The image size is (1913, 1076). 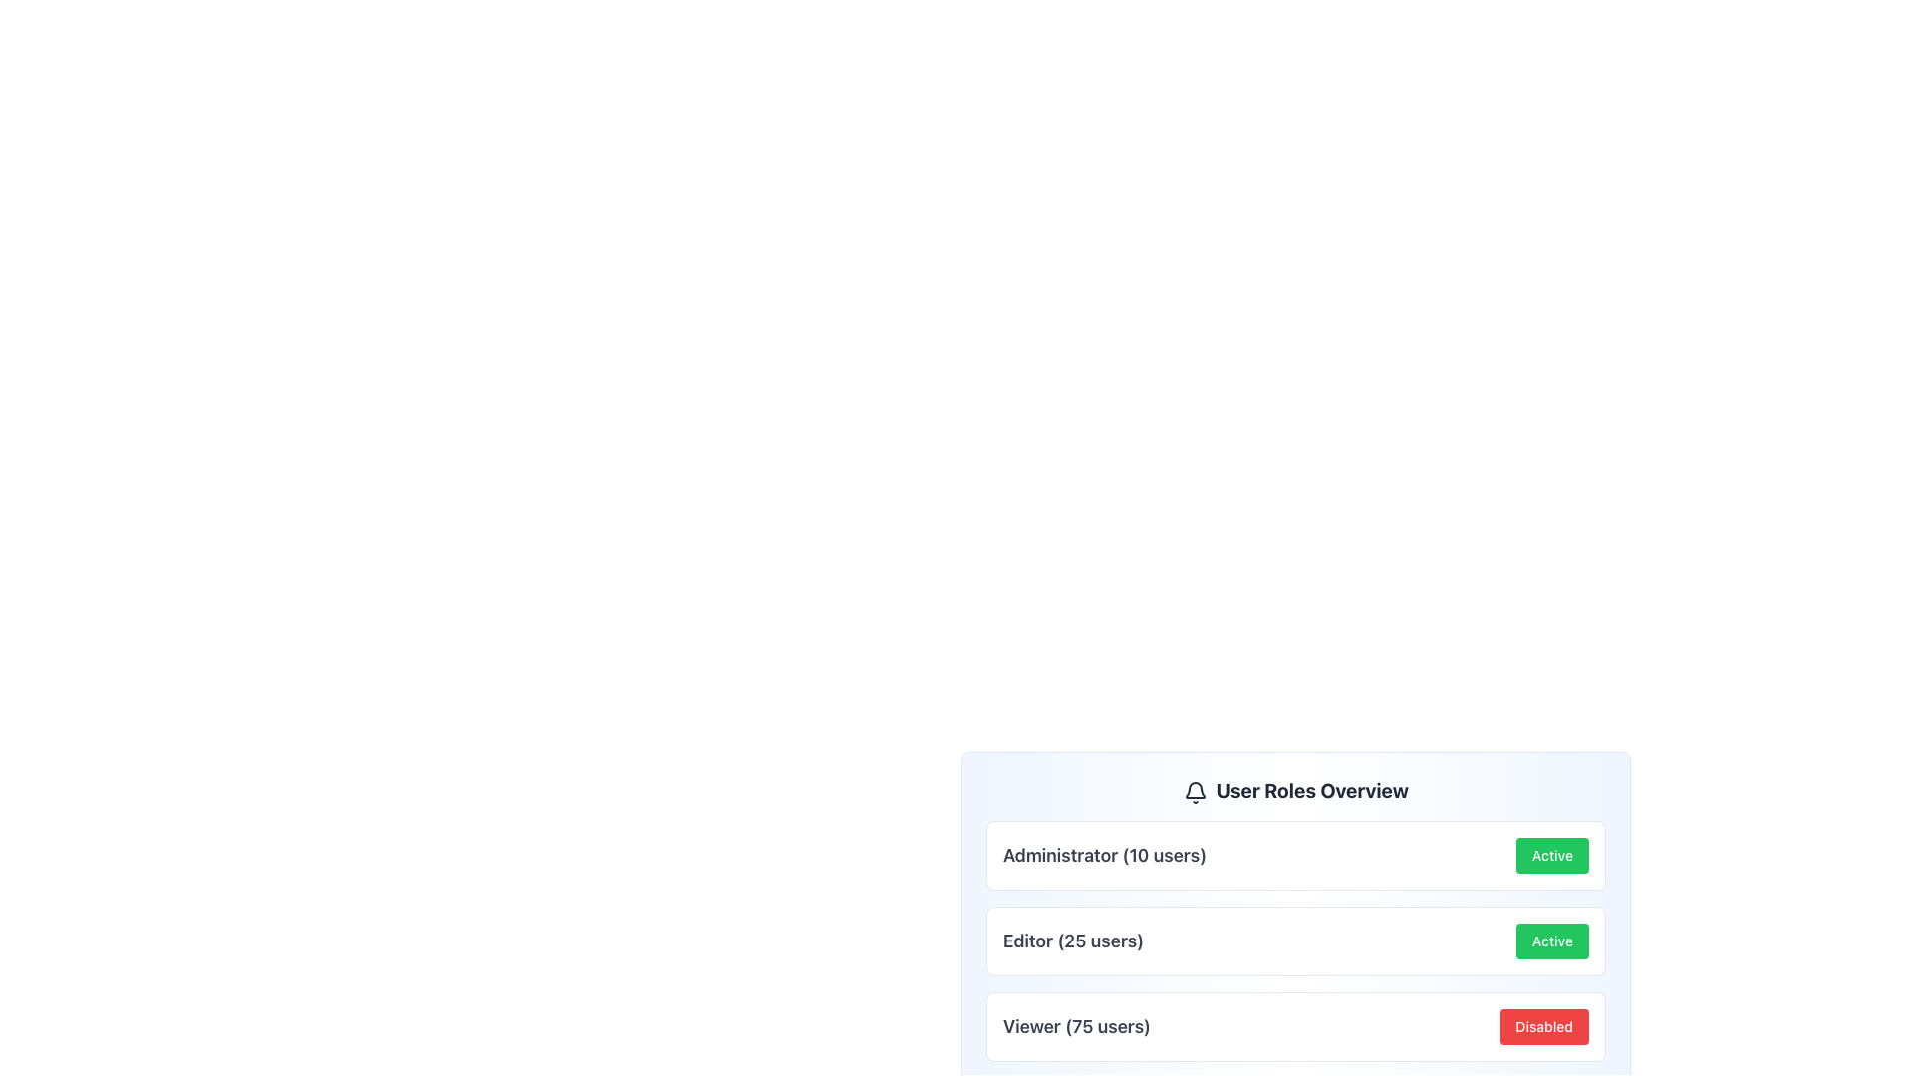 What do you see at coordinates (1551, 941) in the screenshot?
I see `the 'Active' button for the 'Editor' role located in the second row of the 'User Roles Overview' section` at bounding box center [1551, 941].